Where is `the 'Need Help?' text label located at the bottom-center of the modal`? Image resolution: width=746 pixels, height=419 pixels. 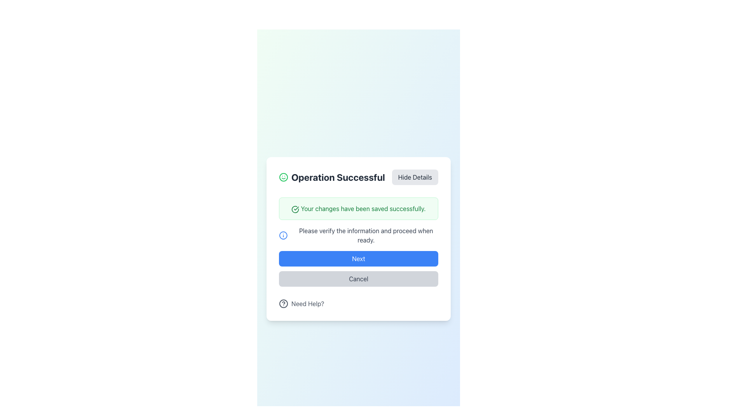
the 'Need Help?' text label located at the bottom-center of the modal is located at coordinates (307, 303).